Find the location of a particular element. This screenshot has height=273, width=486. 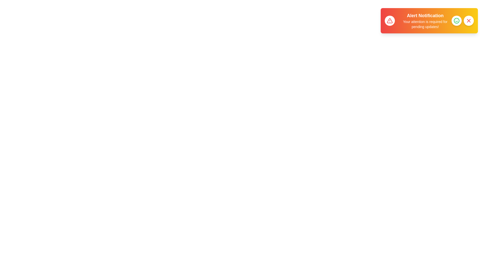

the smiley button to acknowledge the notification is located at coordinates (457, 20).